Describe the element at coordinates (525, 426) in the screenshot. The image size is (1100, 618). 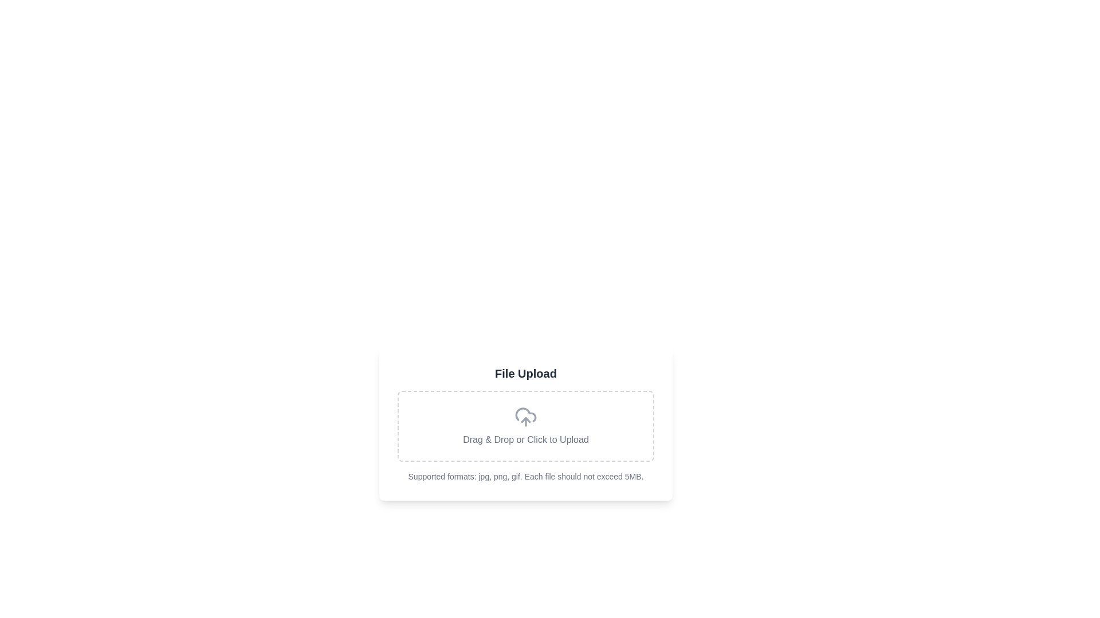
I see `files onto the file upload area that displays 'Drag & Drop or Click` at that location.